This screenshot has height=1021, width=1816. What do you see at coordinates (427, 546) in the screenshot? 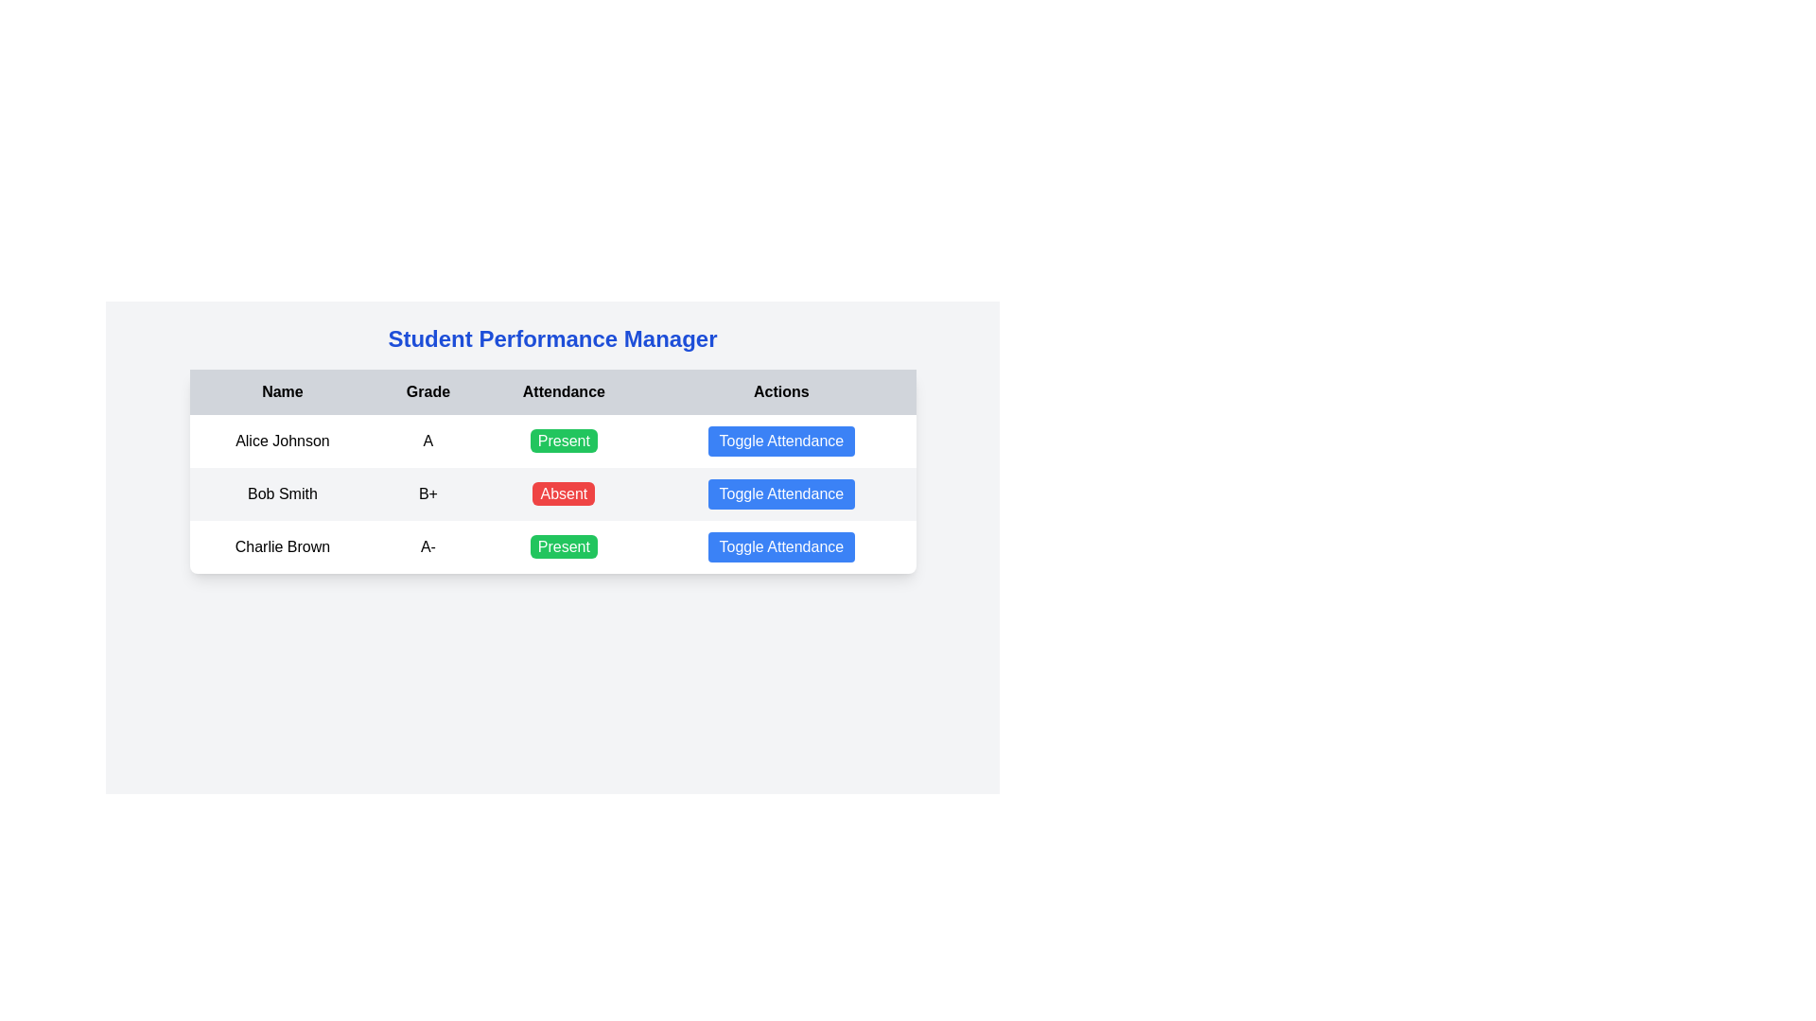
I see `the static text element displaying 'A-' located in the third row under the 'Grade' column of the table for 'Charlie Brown'` at bounding box center [427, 546].